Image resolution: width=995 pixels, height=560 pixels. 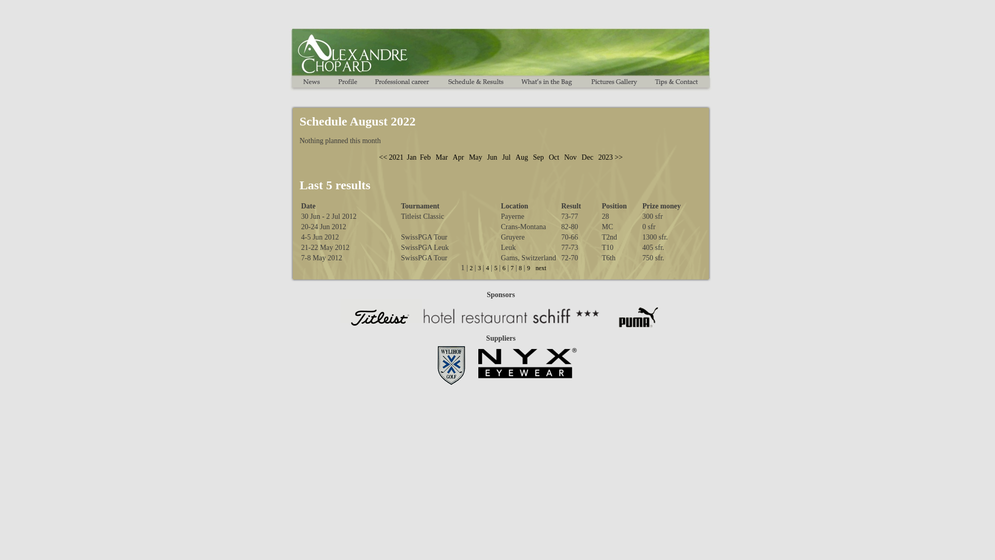 What do you see at coordinates (587, 157) in the screenshot?
I see `'Dec'` at bounding box center [587, 157].